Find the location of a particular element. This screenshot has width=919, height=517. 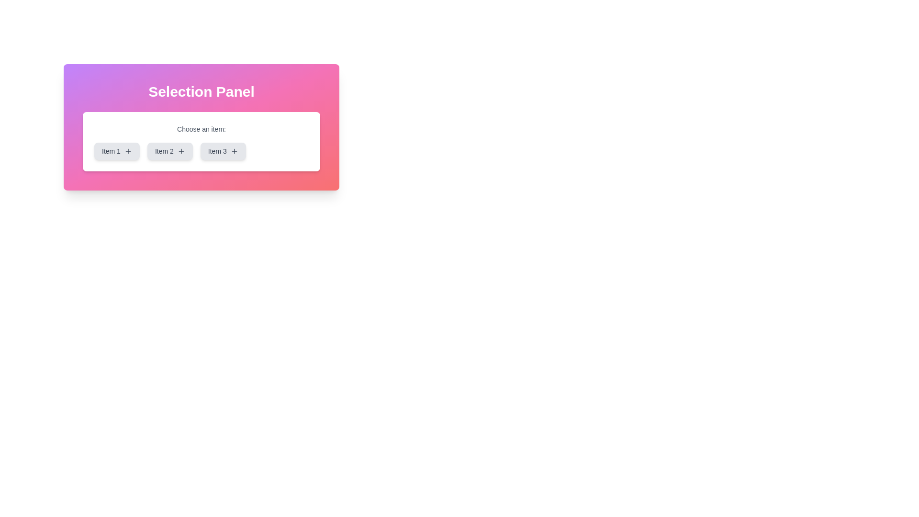

the label or button representing 'Item 2' is located at coordinates (164, 151).